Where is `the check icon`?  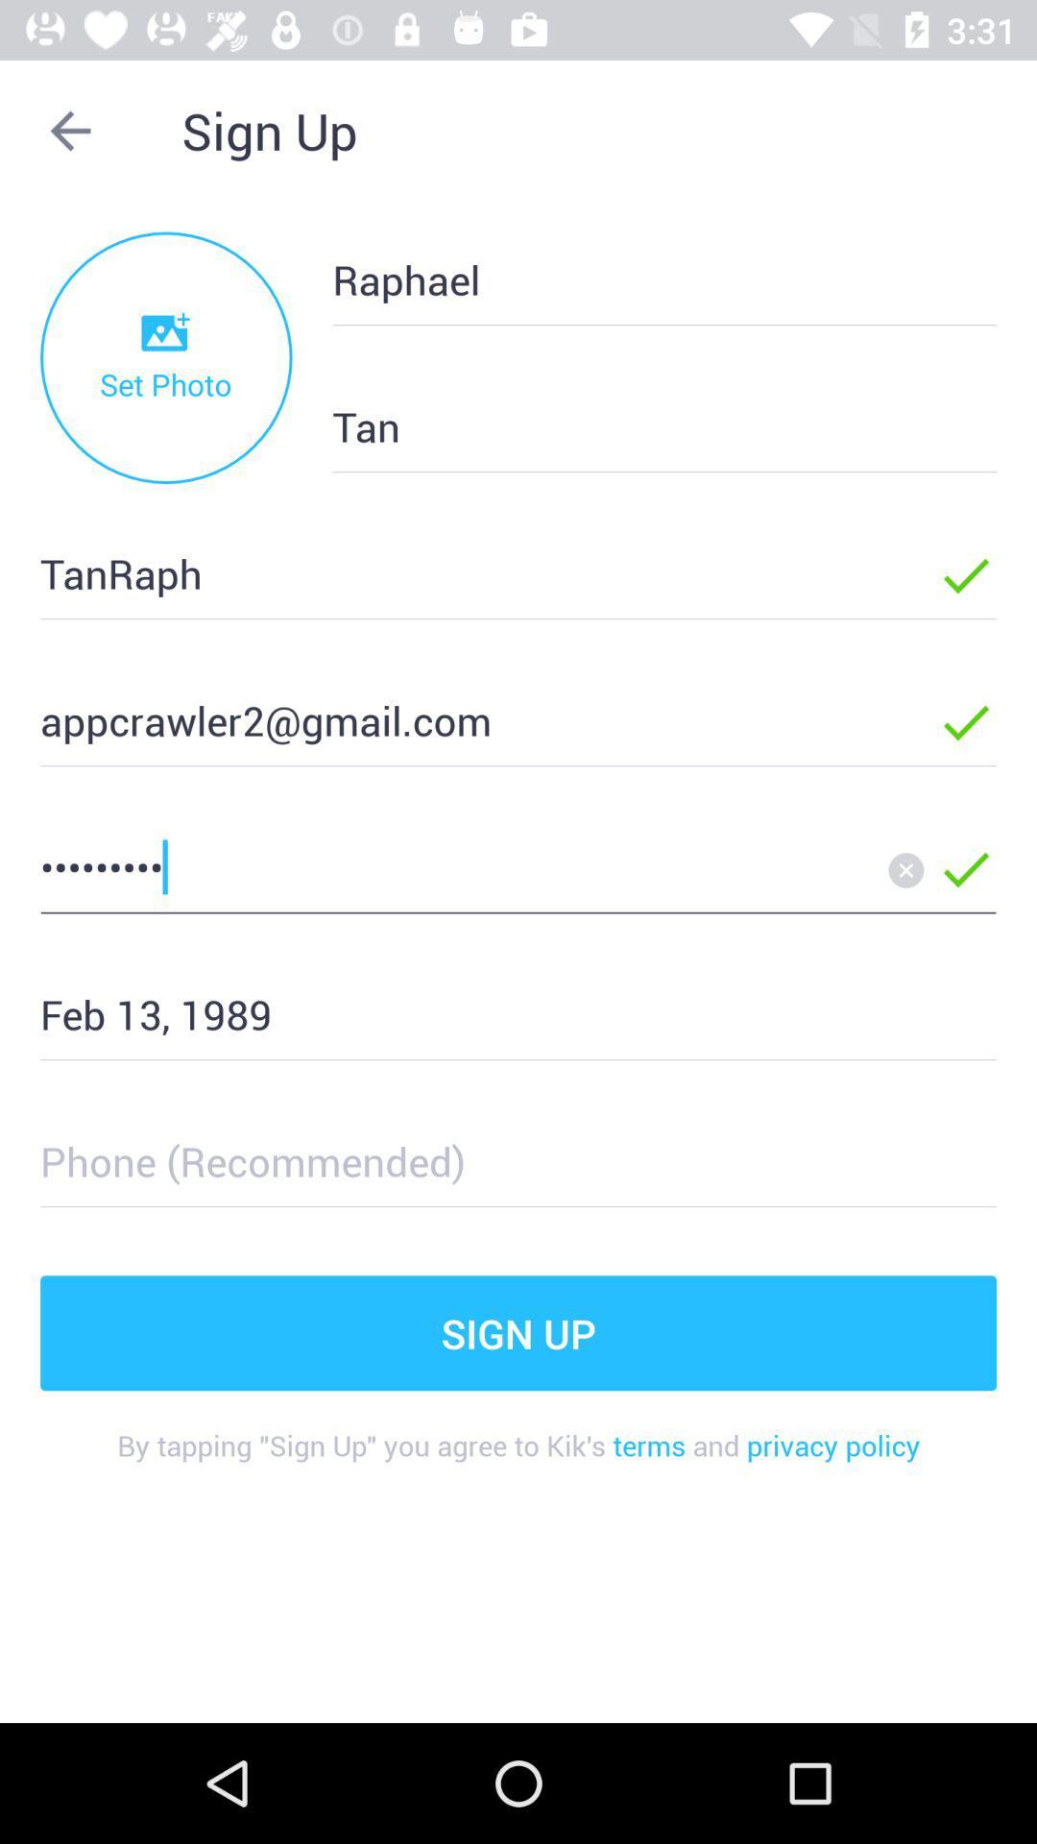 the check icon is located at coordinates (966, 575).